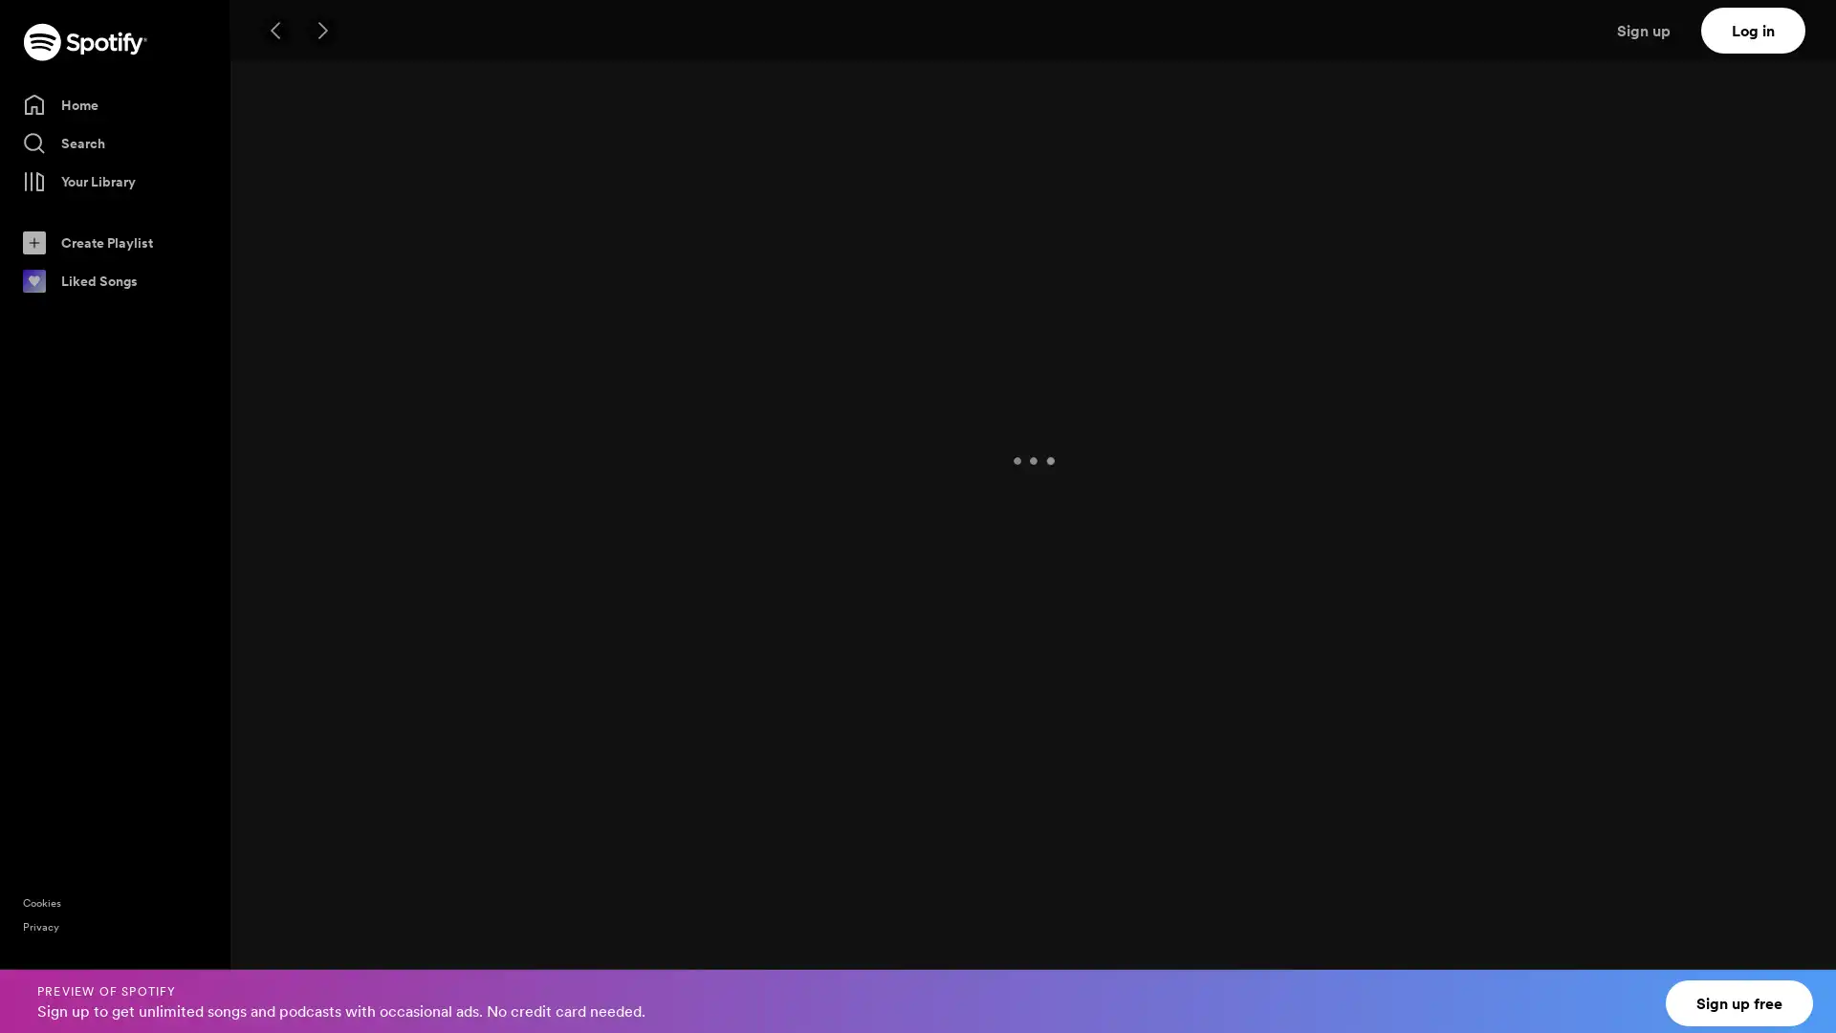  Describe the element at coordinates (1759, 582) in the screenshot. I see `Play Liquid Drum and Bass` at that location.